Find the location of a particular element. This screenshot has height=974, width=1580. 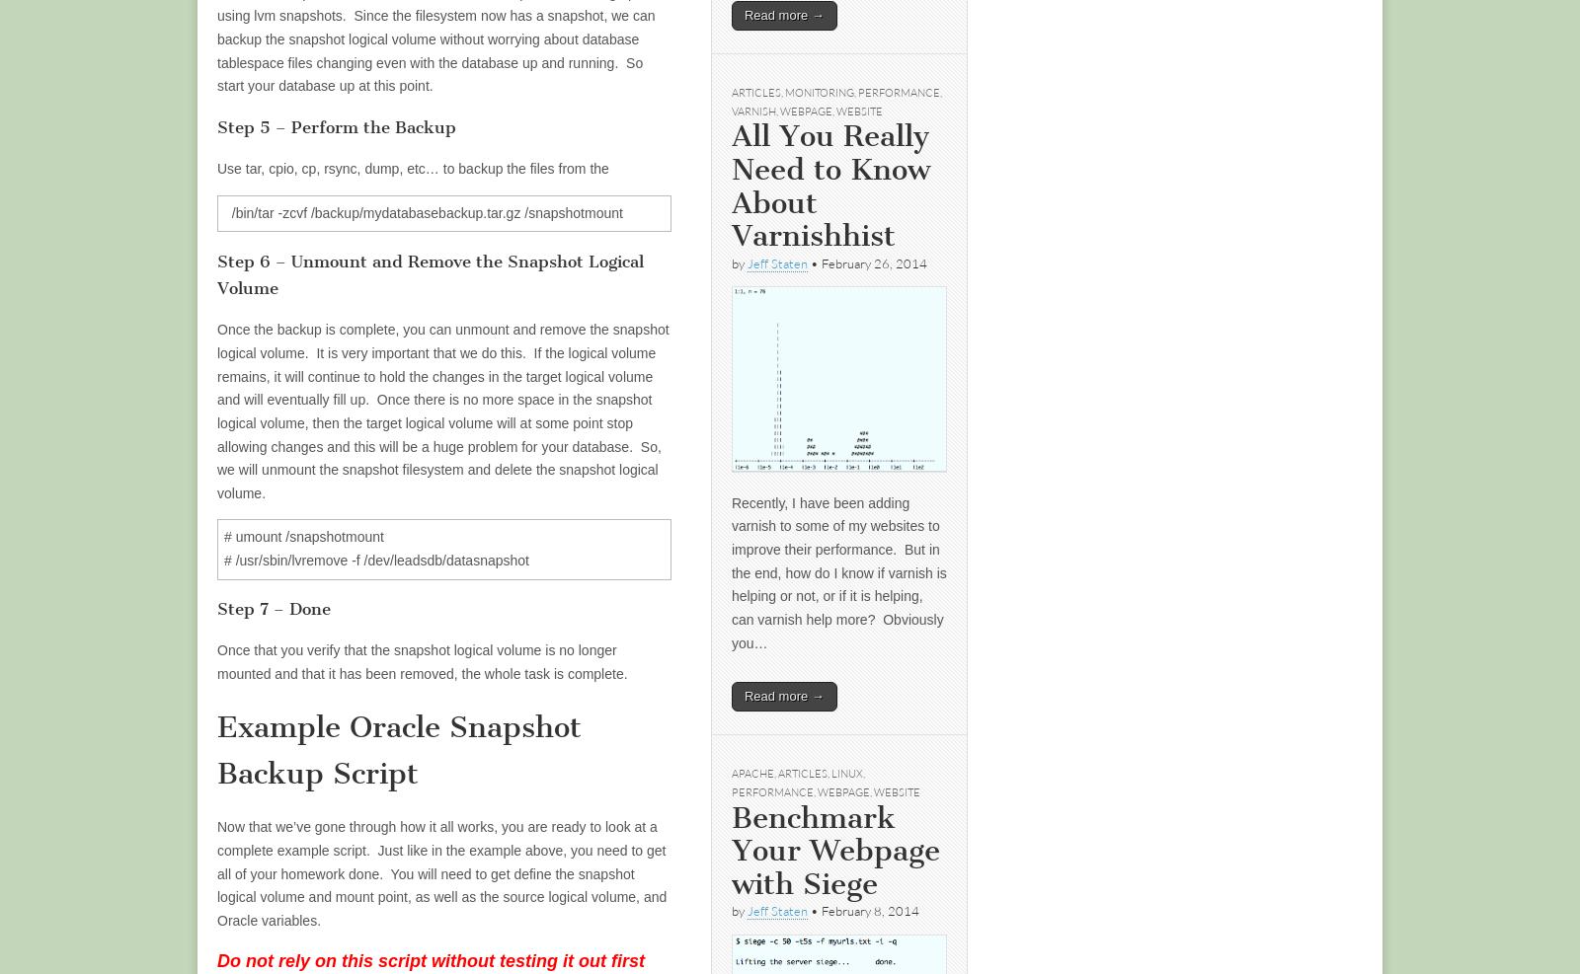

'Step 6 – Unmount and Remove the Snapshot Logical Volume' is located at coordinates (430, 274).